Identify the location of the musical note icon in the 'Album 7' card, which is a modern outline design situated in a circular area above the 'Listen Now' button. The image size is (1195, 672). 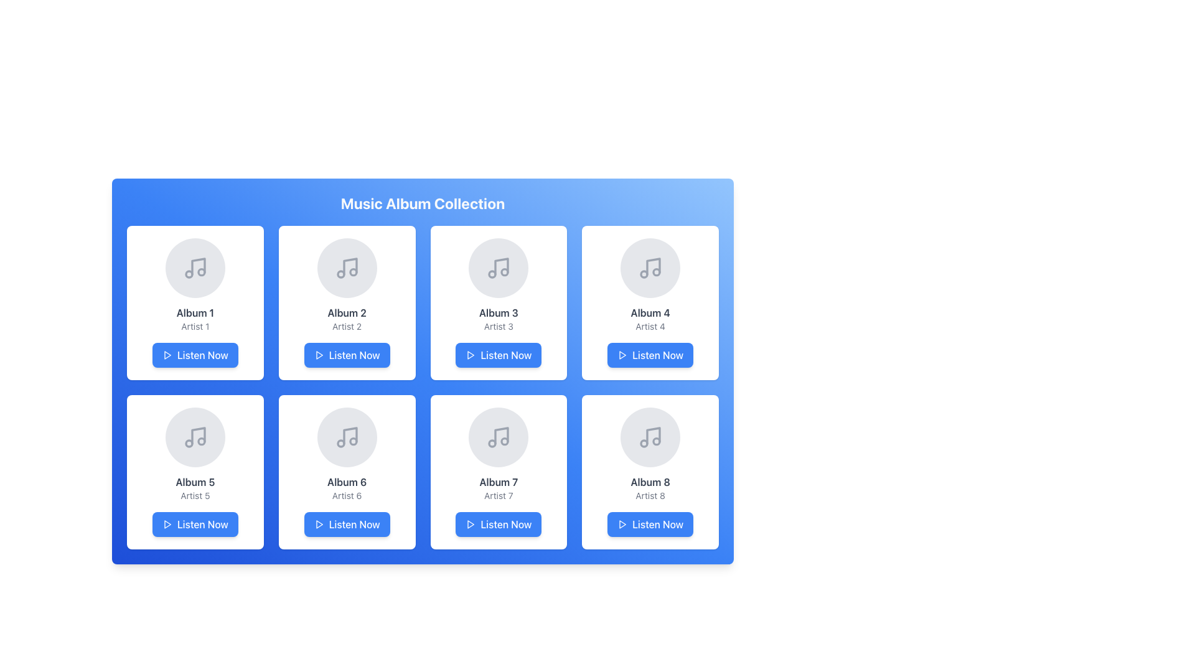
(502, 435).